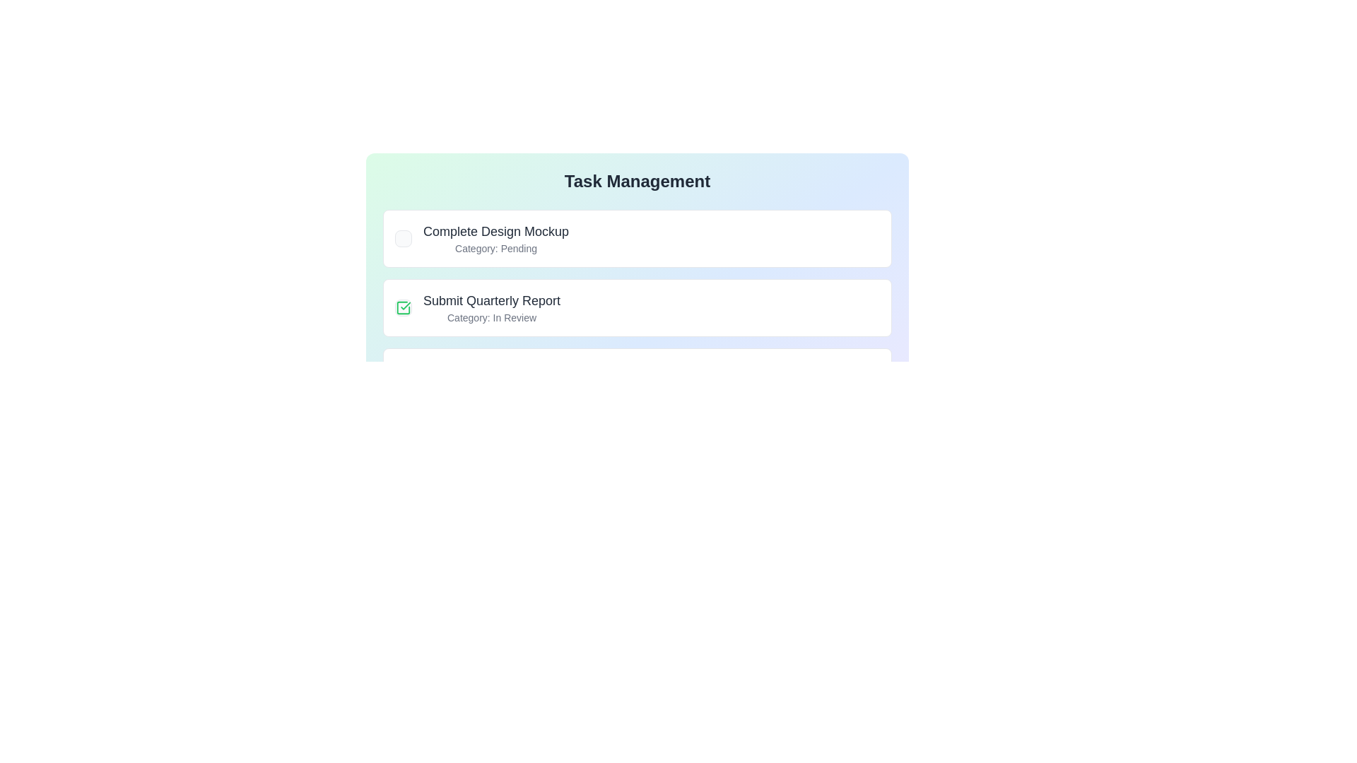  Describe the element at coordinates (492, 300) in the screenshot. I see `text displayed on the label that says 'Submit Quarterly Report', which is styled in a large, bold, dark font within a task management interface` at that location.